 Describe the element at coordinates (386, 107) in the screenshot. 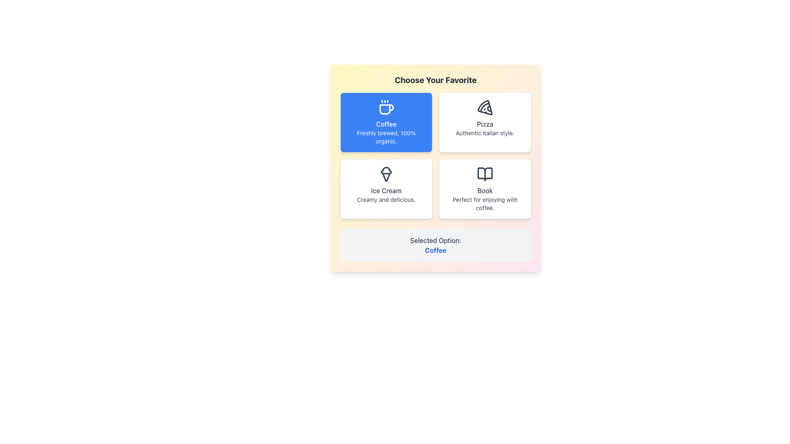

I see `the coffee icon located in the top-left module of the grid layout, which visually represents the concept of coffee and is positioned above the text 'Freshly brewed, 100% organic.'` at that location.